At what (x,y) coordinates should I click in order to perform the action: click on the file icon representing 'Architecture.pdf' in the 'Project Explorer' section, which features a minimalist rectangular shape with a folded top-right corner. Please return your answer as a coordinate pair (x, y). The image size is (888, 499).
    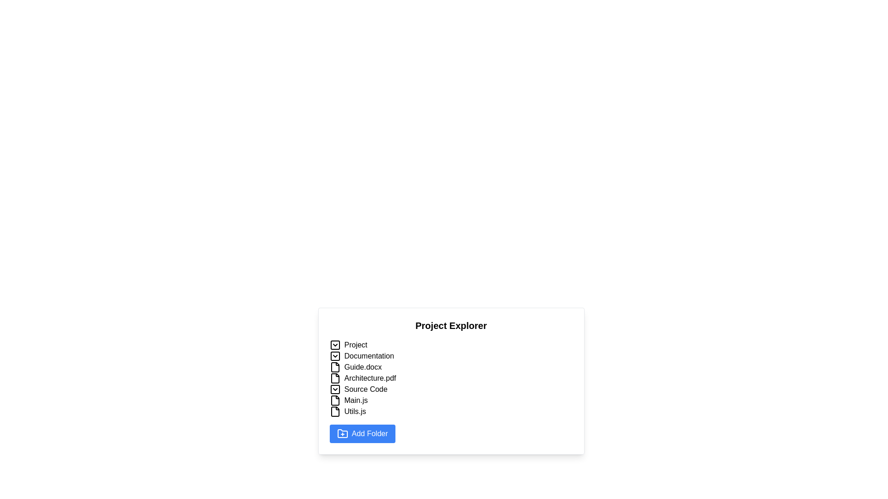
    Looking at the image, I should click on (334, 378).